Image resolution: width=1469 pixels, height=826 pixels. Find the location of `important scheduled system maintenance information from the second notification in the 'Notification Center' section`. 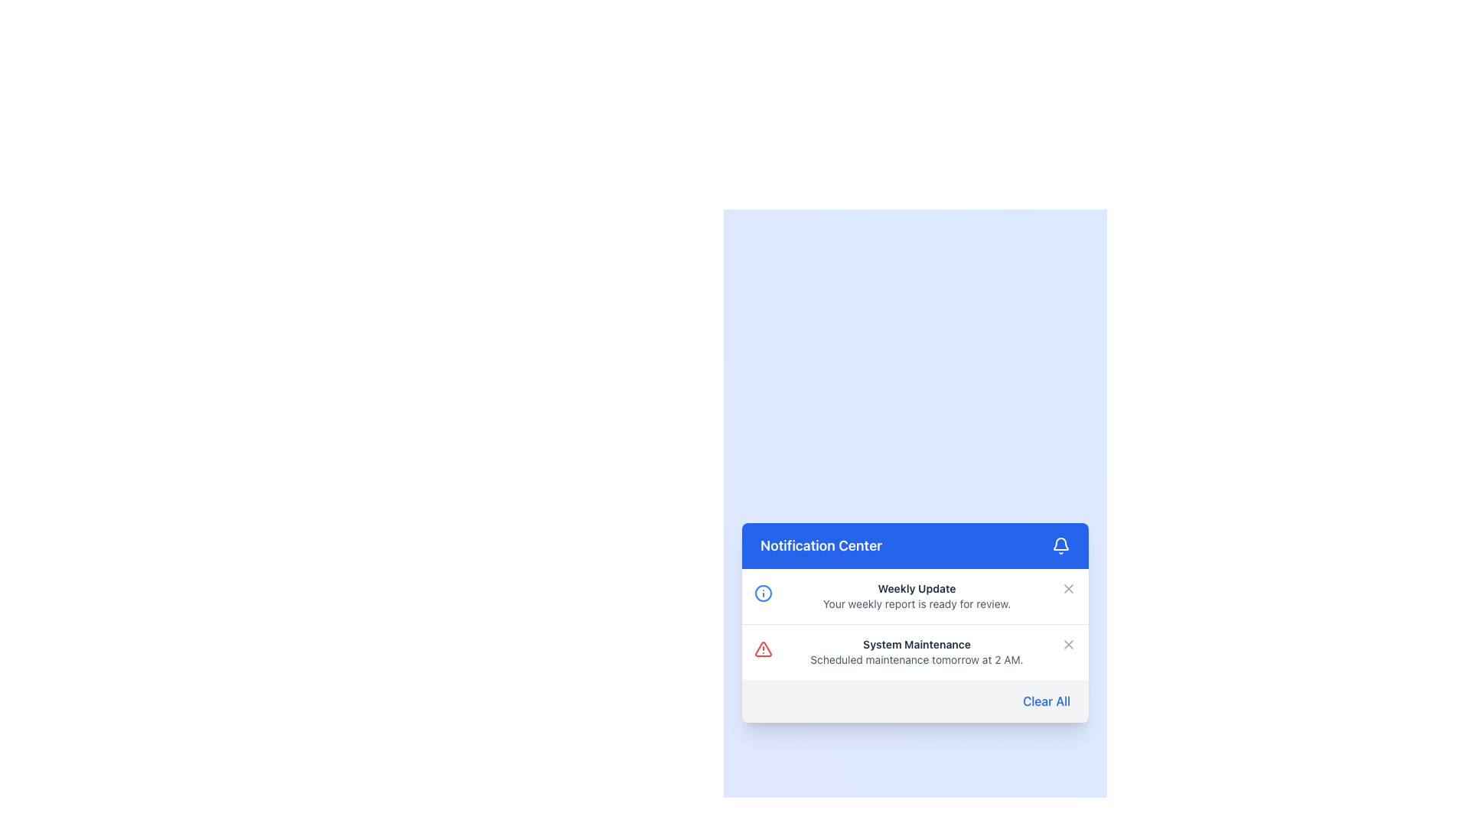

important scheduled system maintenance information from the second notification in the 'Notification Center' section is located at coordinates (917, 652).